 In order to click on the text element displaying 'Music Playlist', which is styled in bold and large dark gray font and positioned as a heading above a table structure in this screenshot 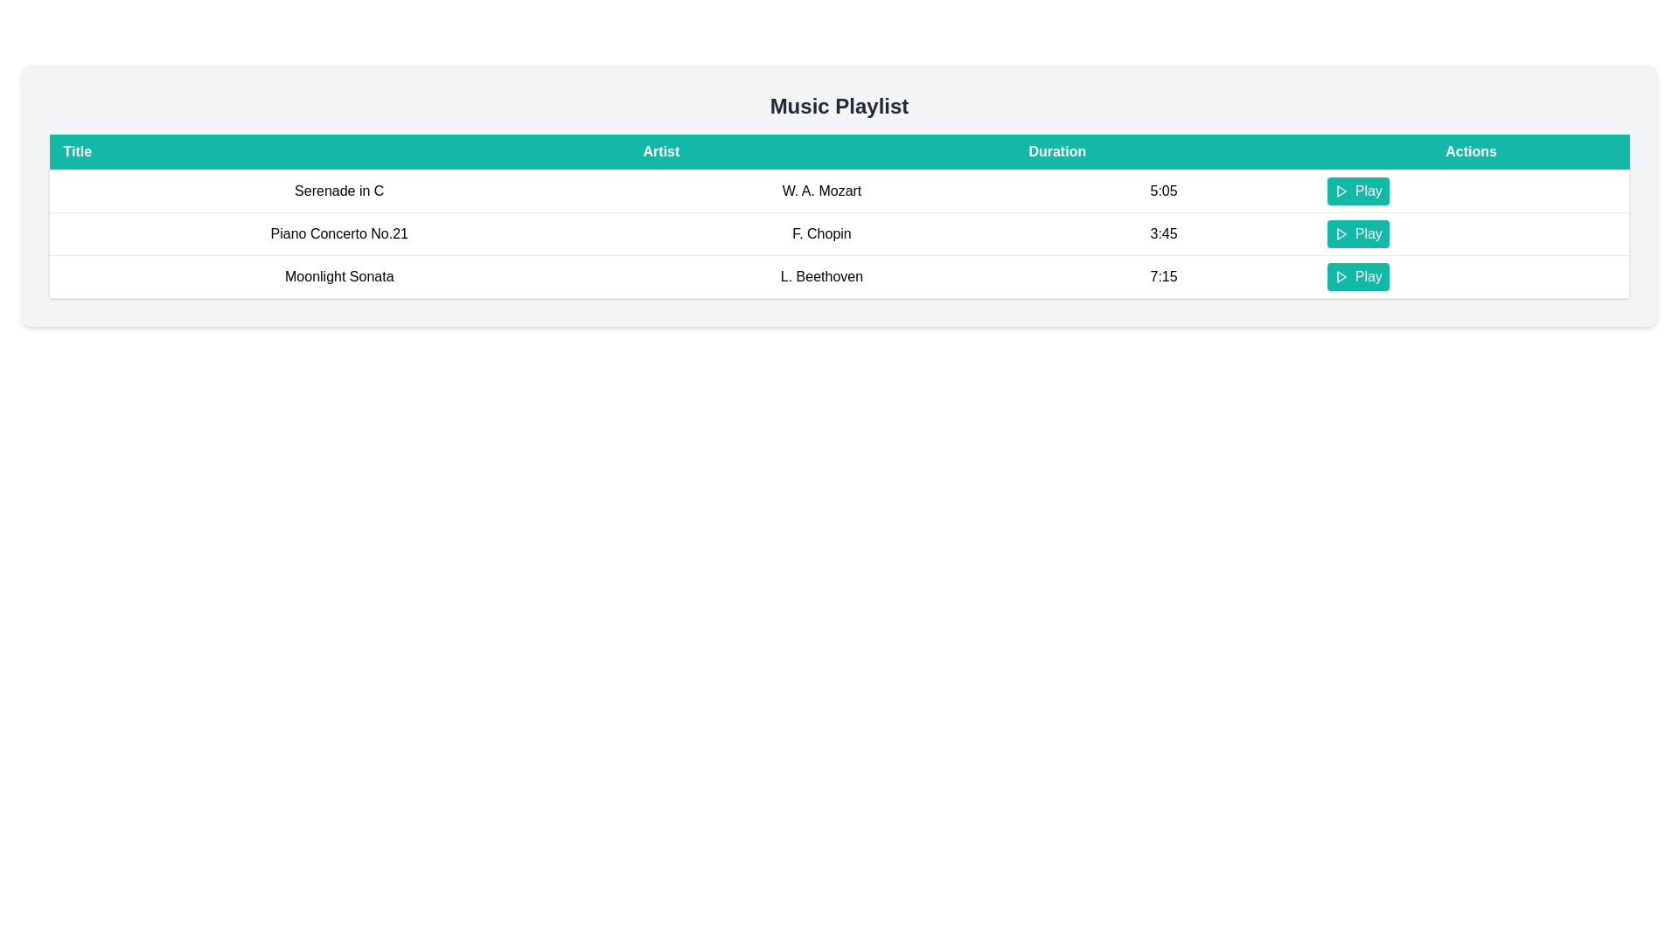, I will do `click(839, 107)`.